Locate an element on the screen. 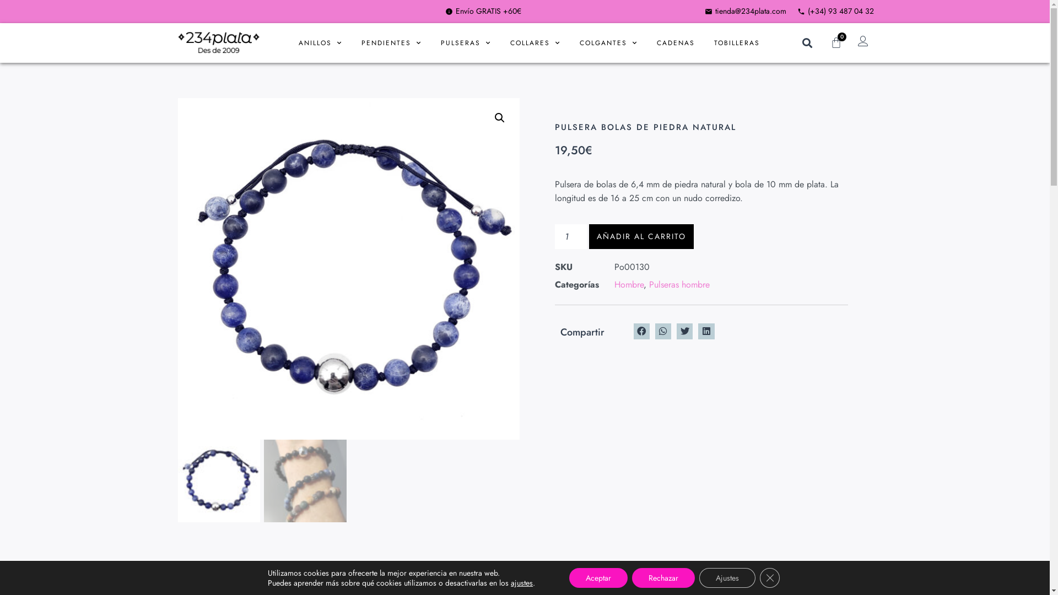  'LOGO 234 PLATA NEGRE 3' is located at coordinates (177, 42).